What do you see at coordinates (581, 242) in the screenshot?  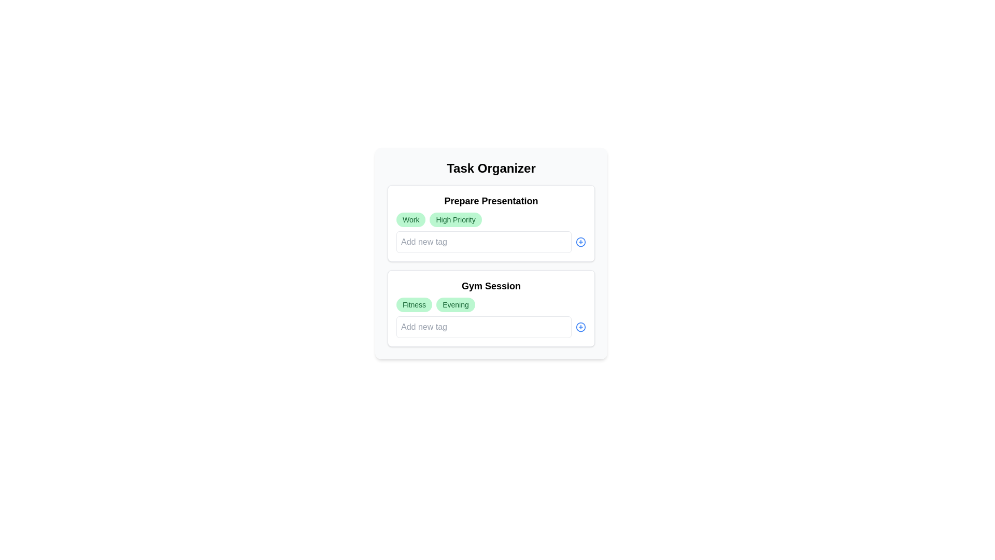 I see `plus icon button to add a new tag for the 'Prepare Presentation' task` at bounding box center [581, 242].